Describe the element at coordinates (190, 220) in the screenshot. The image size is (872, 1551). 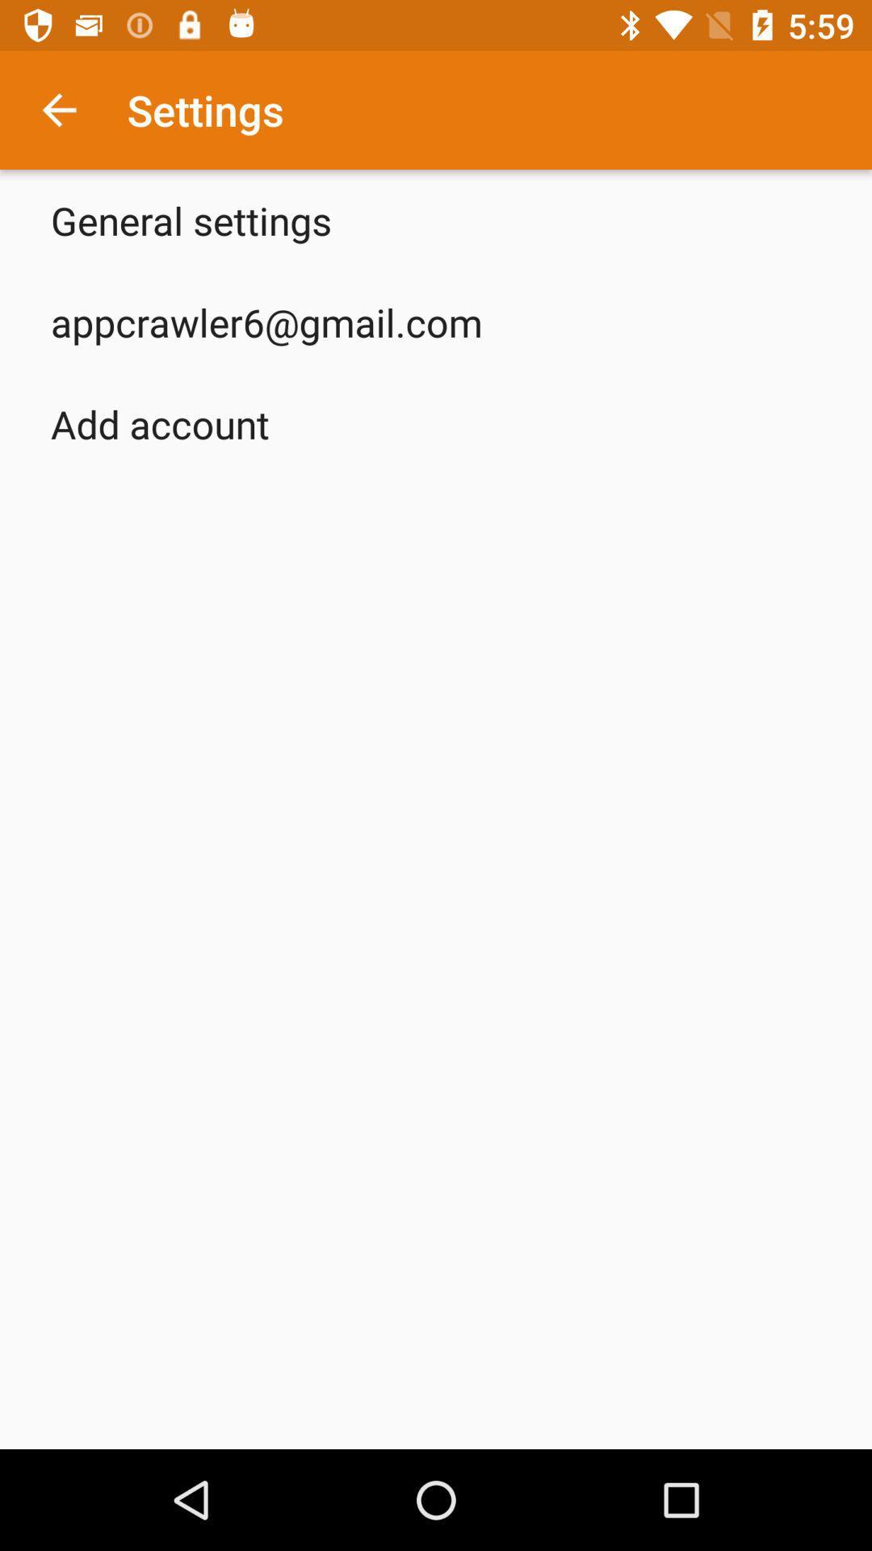
I see `general settings item` at that location.